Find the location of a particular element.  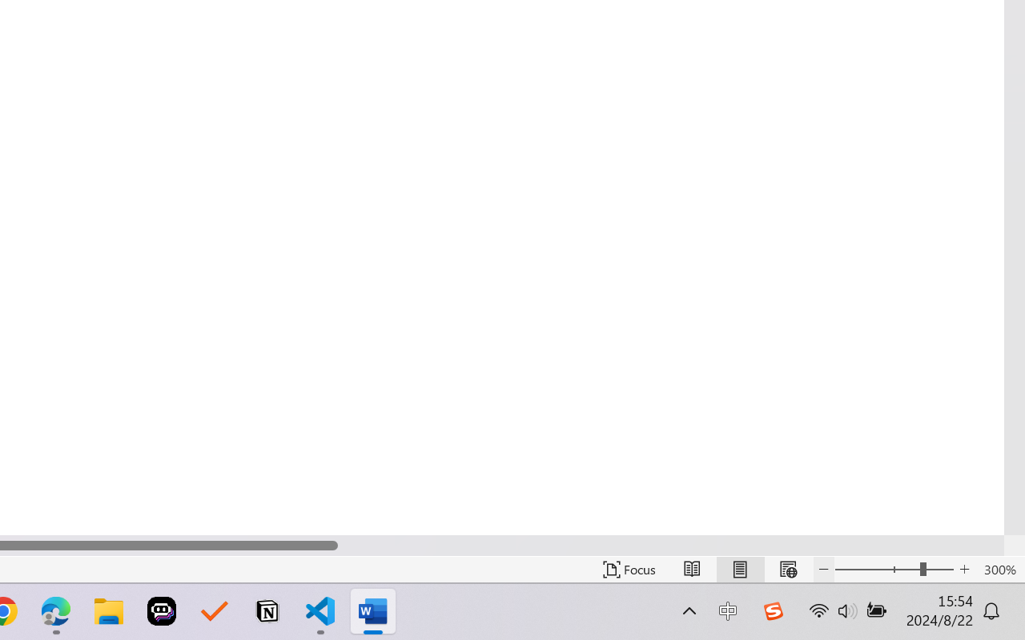

'Zoom Out' is located at coordinates (876, 569).